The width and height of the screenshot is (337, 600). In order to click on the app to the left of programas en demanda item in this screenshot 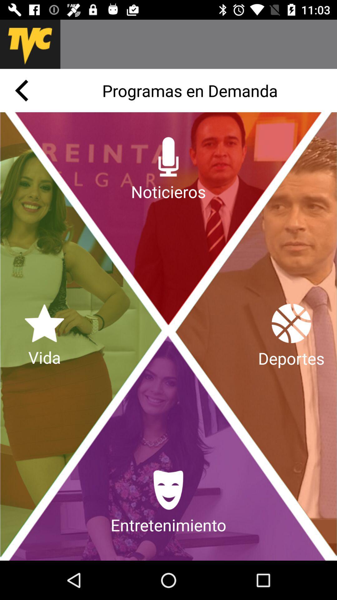, I will do `click(21, 90)`.